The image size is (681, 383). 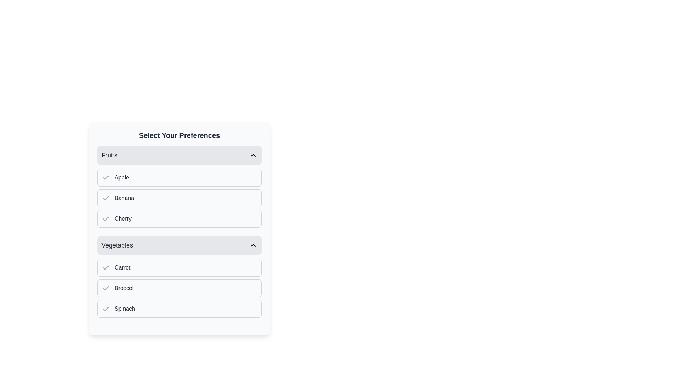 What do you see at coordinates (179, 198) in the screenshot?
I see `the second item in the 'Fruits' selection list, which allows the user to indicate their preference for 'Banana'` at bounding box center [179, 198].